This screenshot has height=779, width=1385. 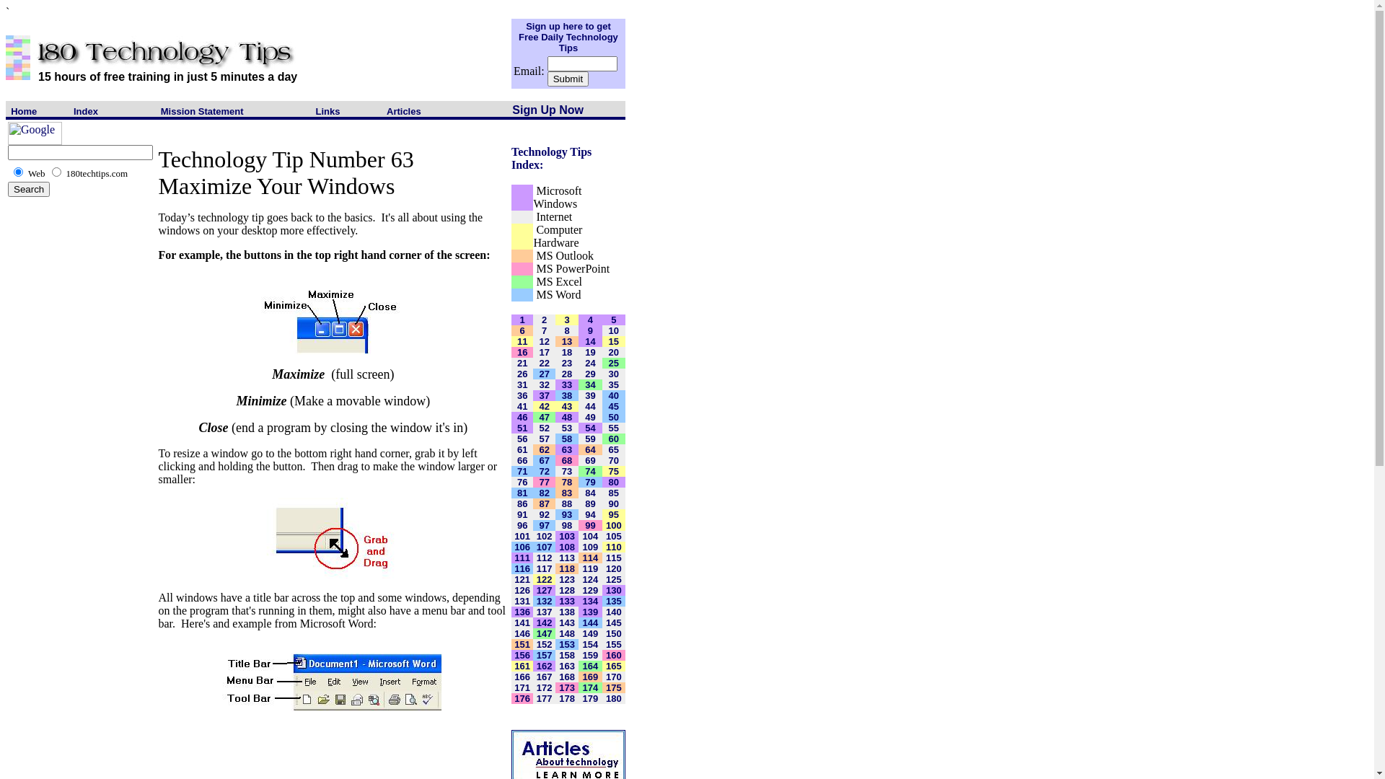 What do you see at coordinates (514, 643) in the screenshot?
I see `'151'` at bounding box center [514, 643].